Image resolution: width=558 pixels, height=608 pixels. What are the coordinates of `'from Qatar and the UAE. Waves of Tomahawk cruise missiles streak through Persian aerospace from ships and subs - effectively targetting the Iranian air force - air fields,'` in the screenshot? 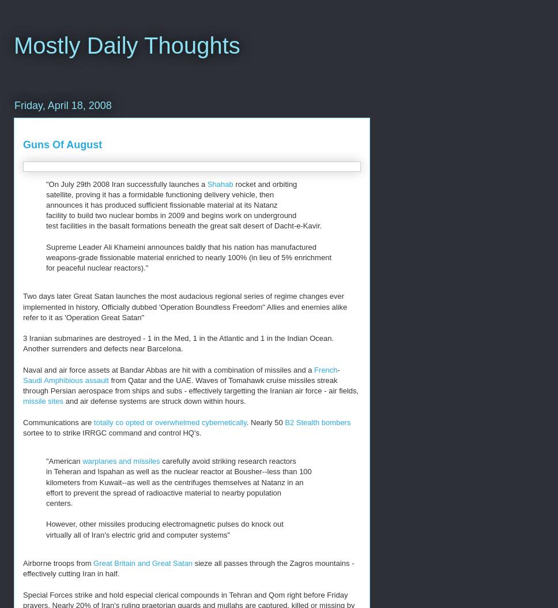 It's located at (190, 385).